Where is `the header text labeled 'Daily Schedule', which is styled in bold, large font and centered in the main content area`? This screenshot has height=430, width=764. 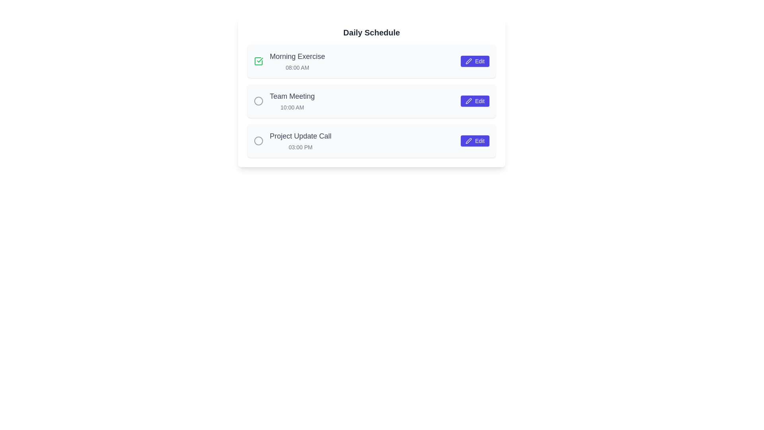
the header text labeled 'Daily Schedule', which is styled in bold, large font and centered in the main content area is located at coordinates (371, 32).